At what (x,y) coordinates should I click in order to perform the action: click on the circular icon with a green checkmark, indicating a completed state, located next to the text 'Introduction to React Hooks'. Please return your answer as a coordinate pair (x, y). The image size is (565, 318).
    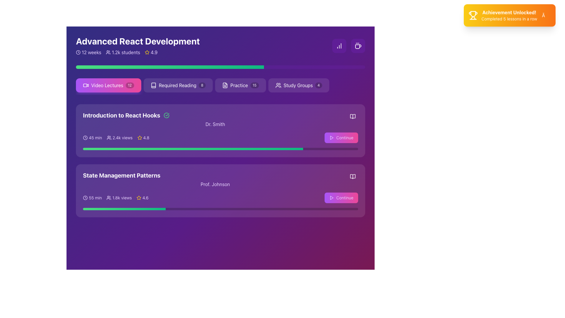
    Looking at the image, I should click on (166, 115).